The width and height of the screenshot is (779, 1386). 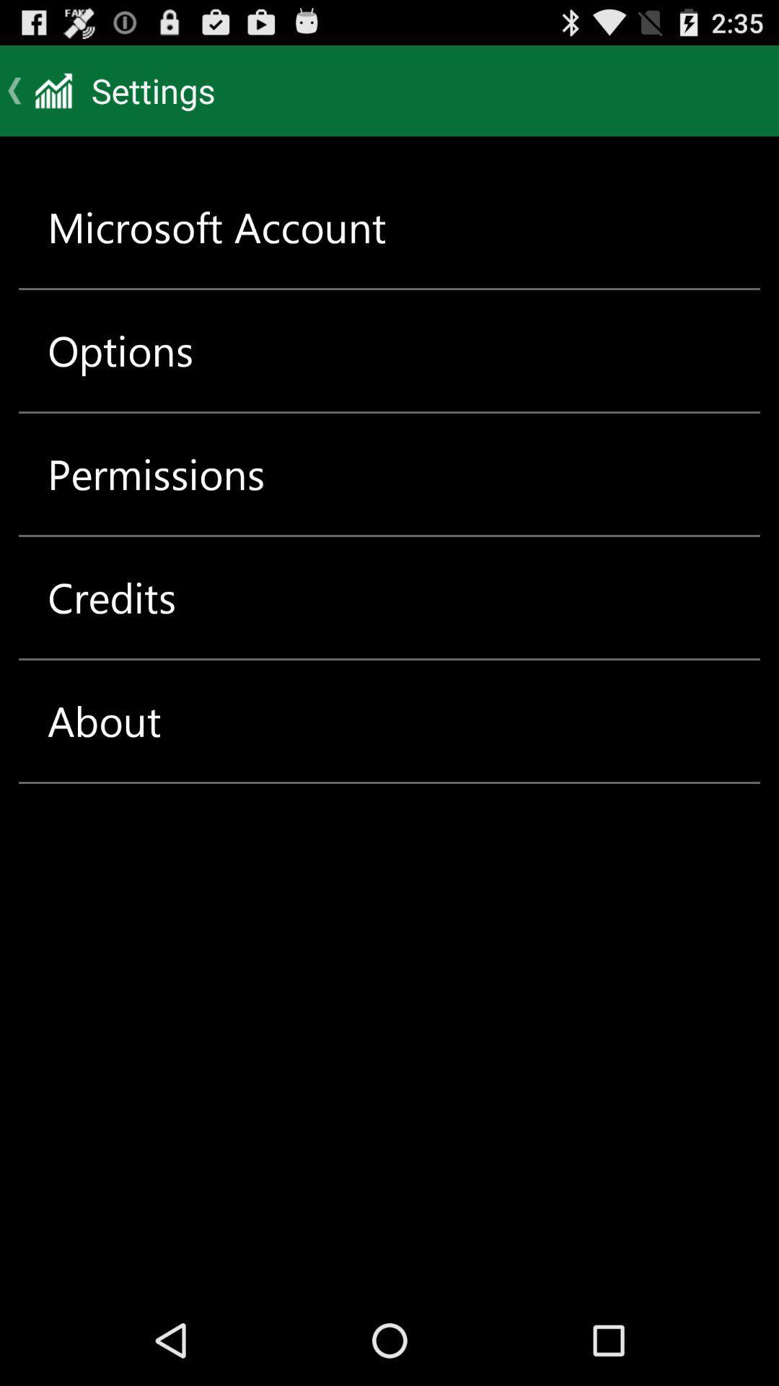 I want to click on item below the permissions item, so click(x=111, y=598).